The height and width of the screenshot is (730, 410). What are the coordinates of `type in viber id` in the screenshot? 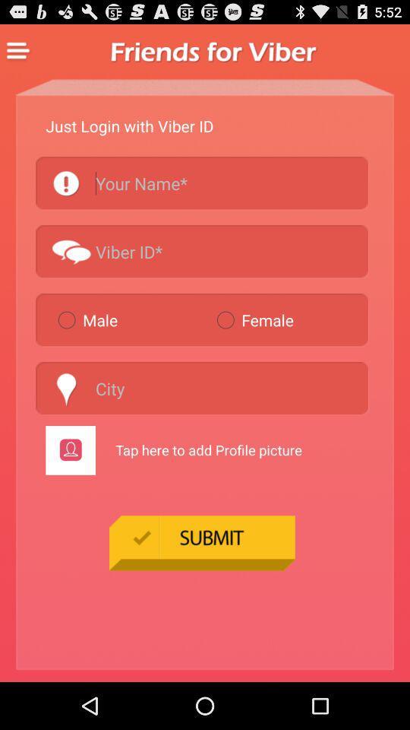 It's located at (202, 251).